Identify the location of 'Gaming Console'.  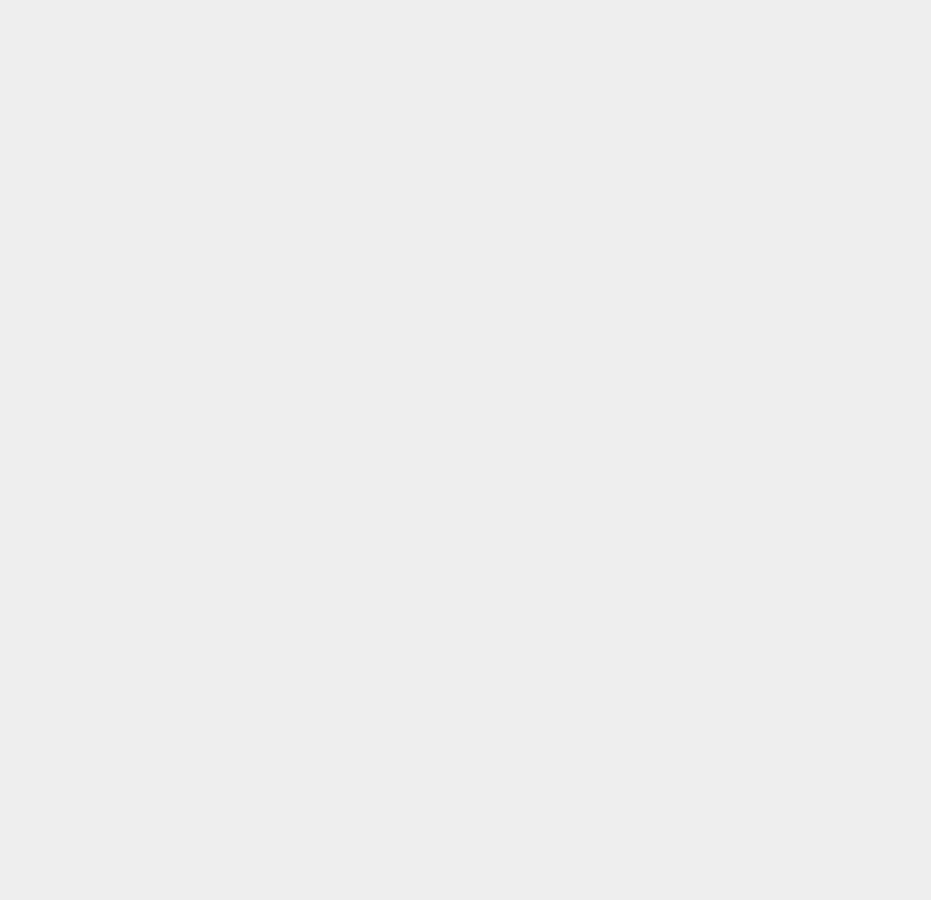
(700, 291).